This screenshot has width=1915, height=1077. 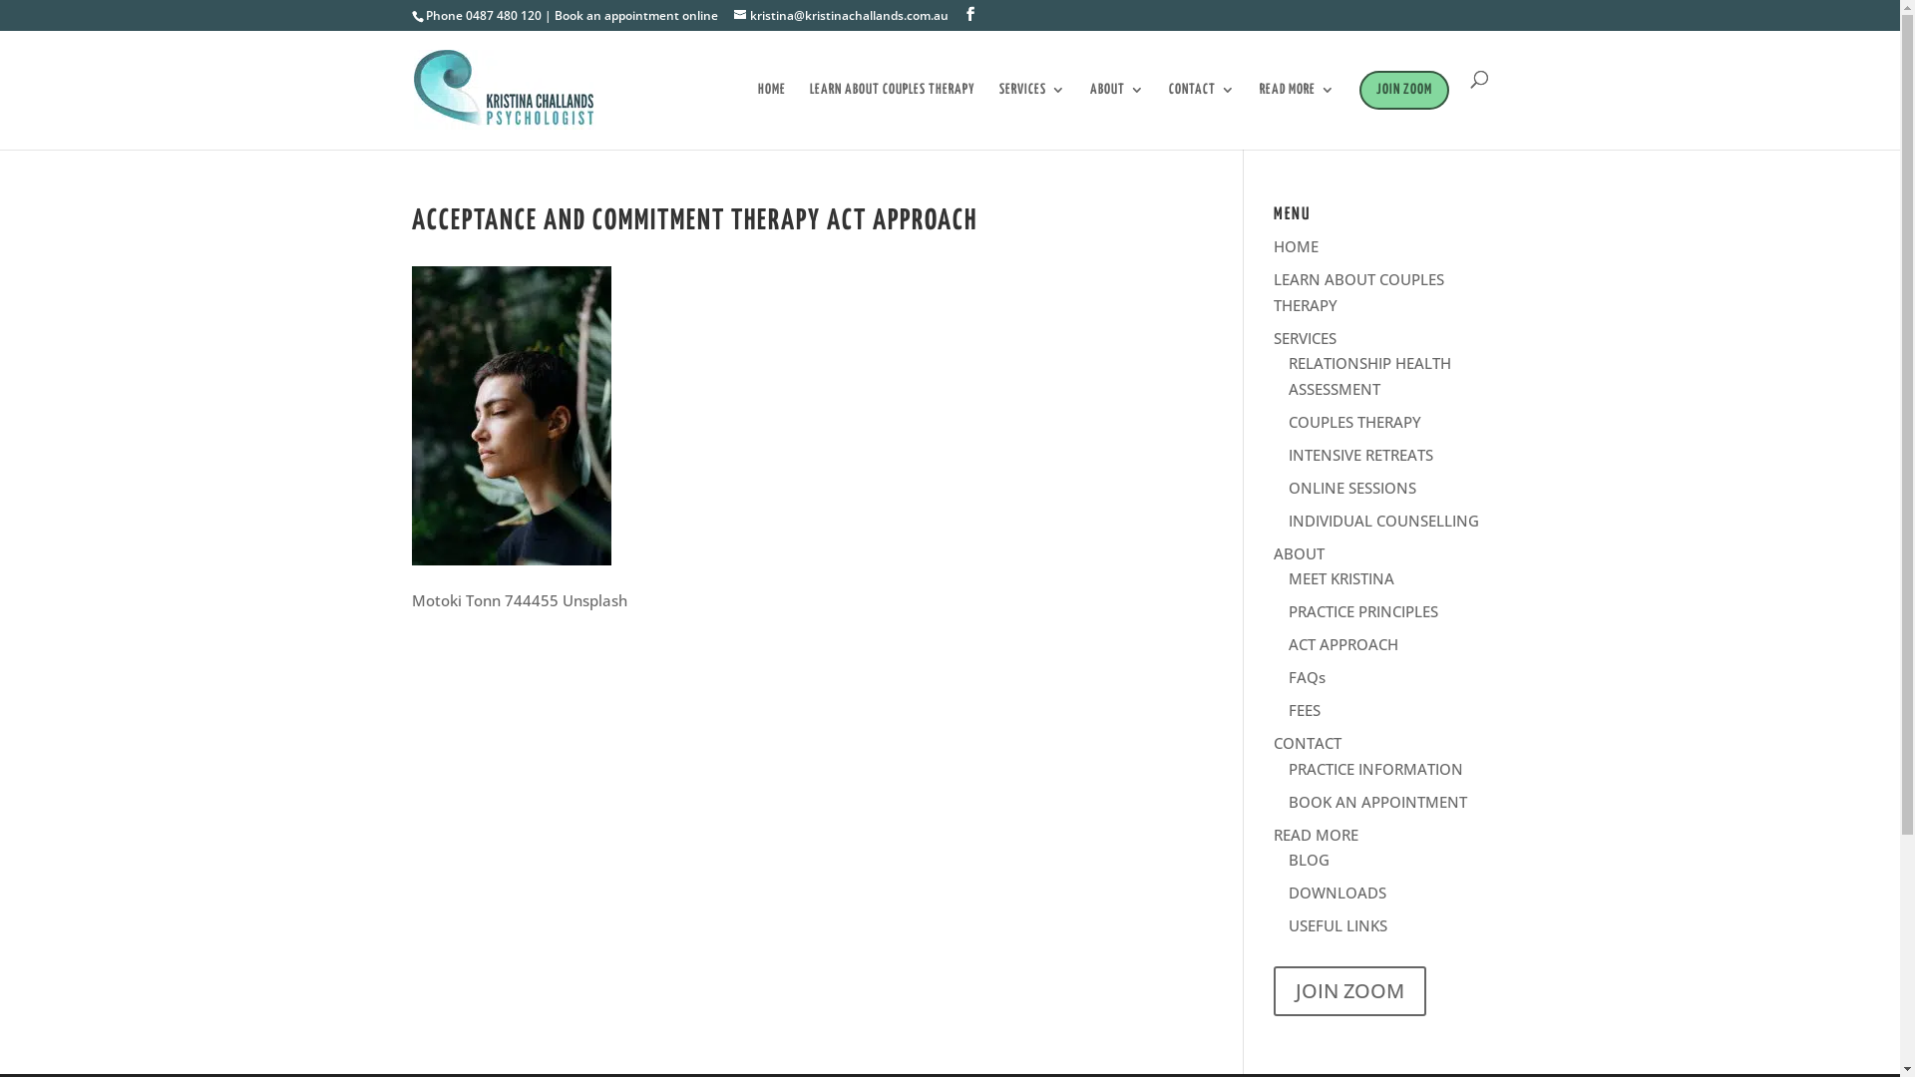 I want to click on 'USEFUL LINKS', so click(x=1338, y=925).